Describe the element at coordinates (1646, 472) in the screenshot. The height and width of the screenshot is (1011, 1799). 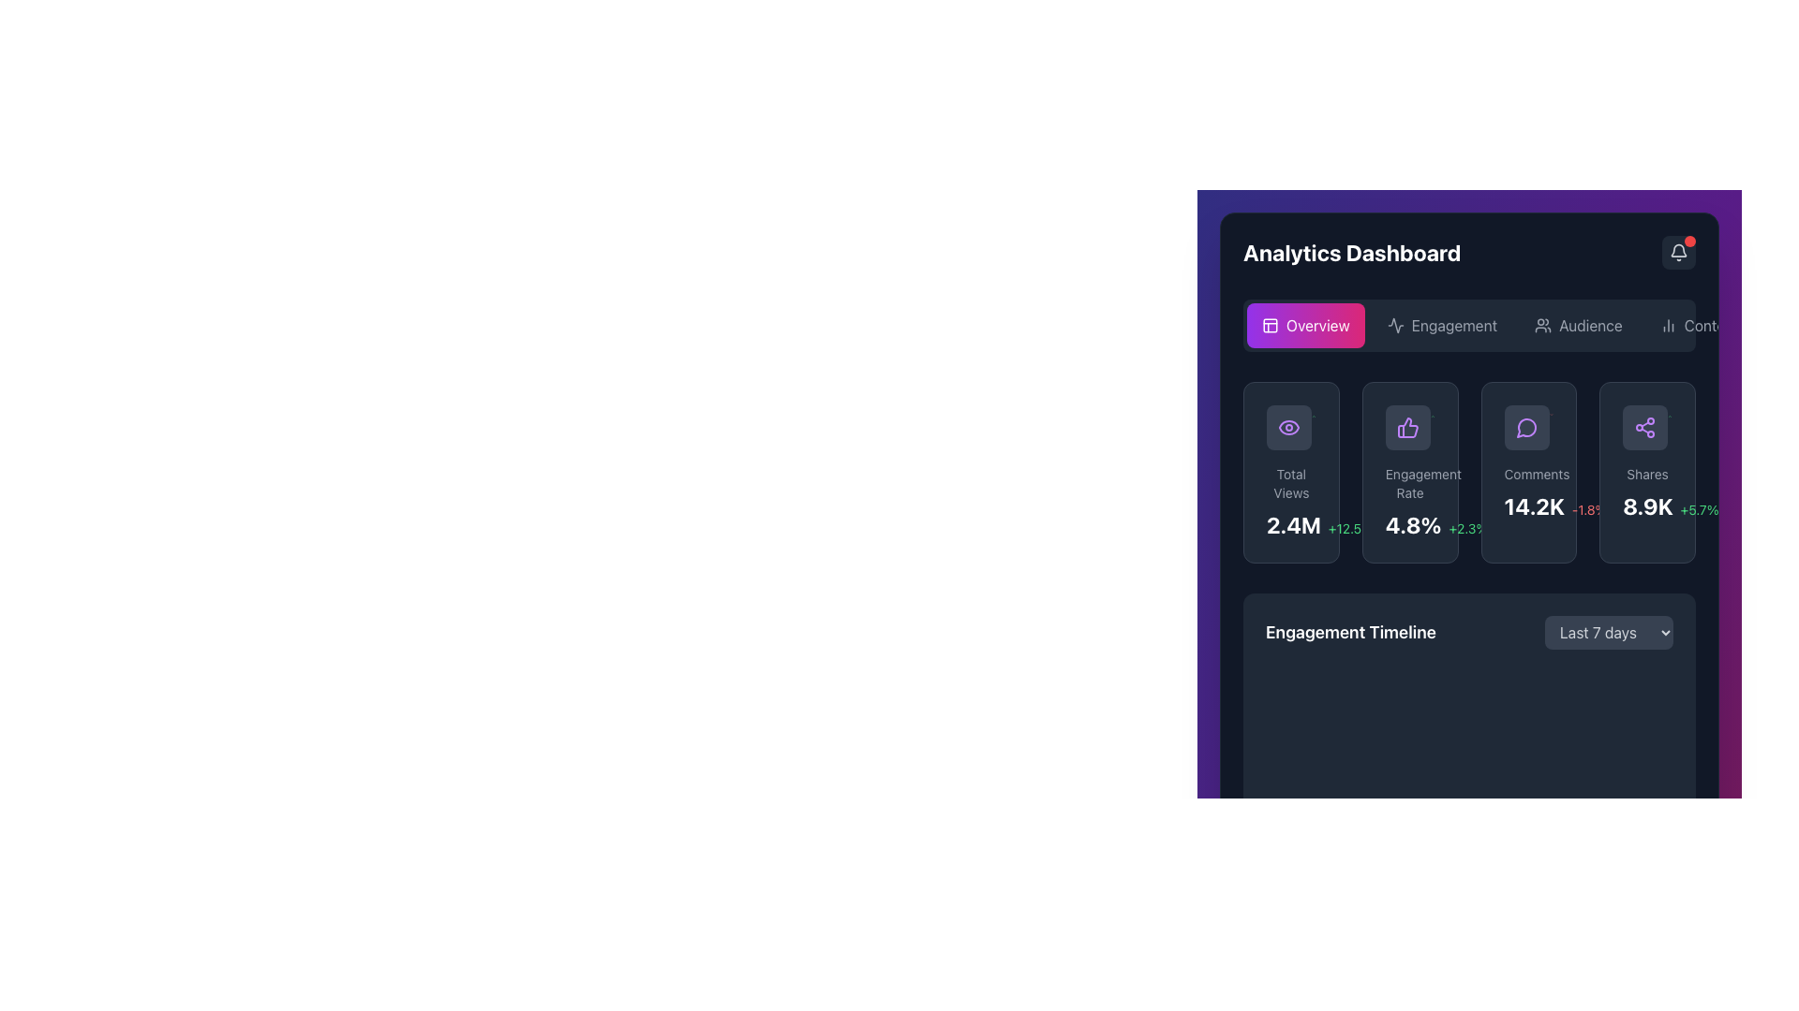
I see `the 'Shares' statistical card located in the fourth column of the Analytics Dashboard` at that location.